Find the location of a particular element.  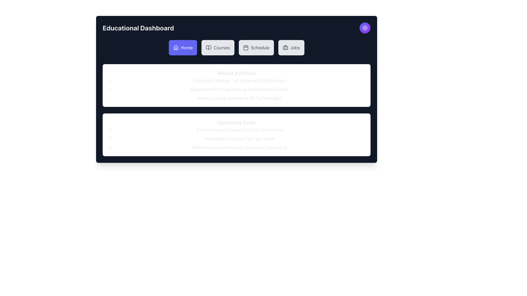

the open book icon located to the left of the 'Courses' text in the button with rounded corners is located at coordinates (208, 47).